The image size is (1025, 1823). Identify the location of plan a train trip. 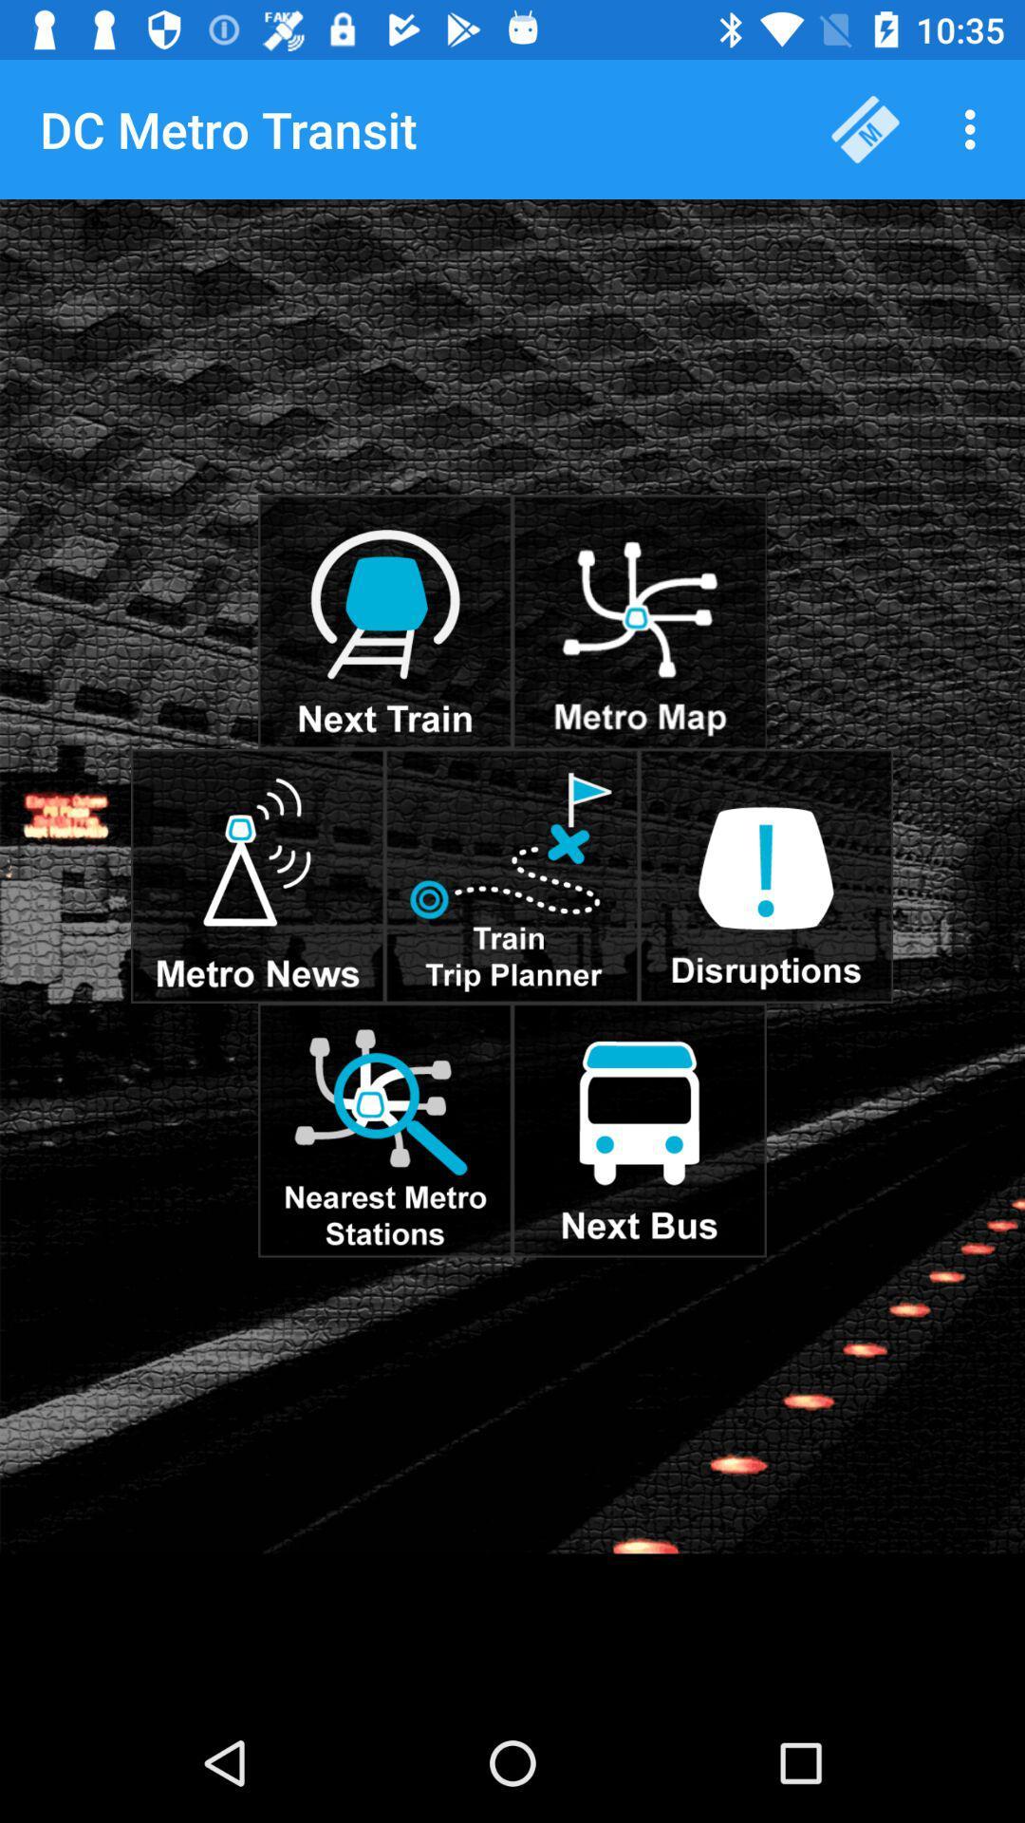
(511, 874).